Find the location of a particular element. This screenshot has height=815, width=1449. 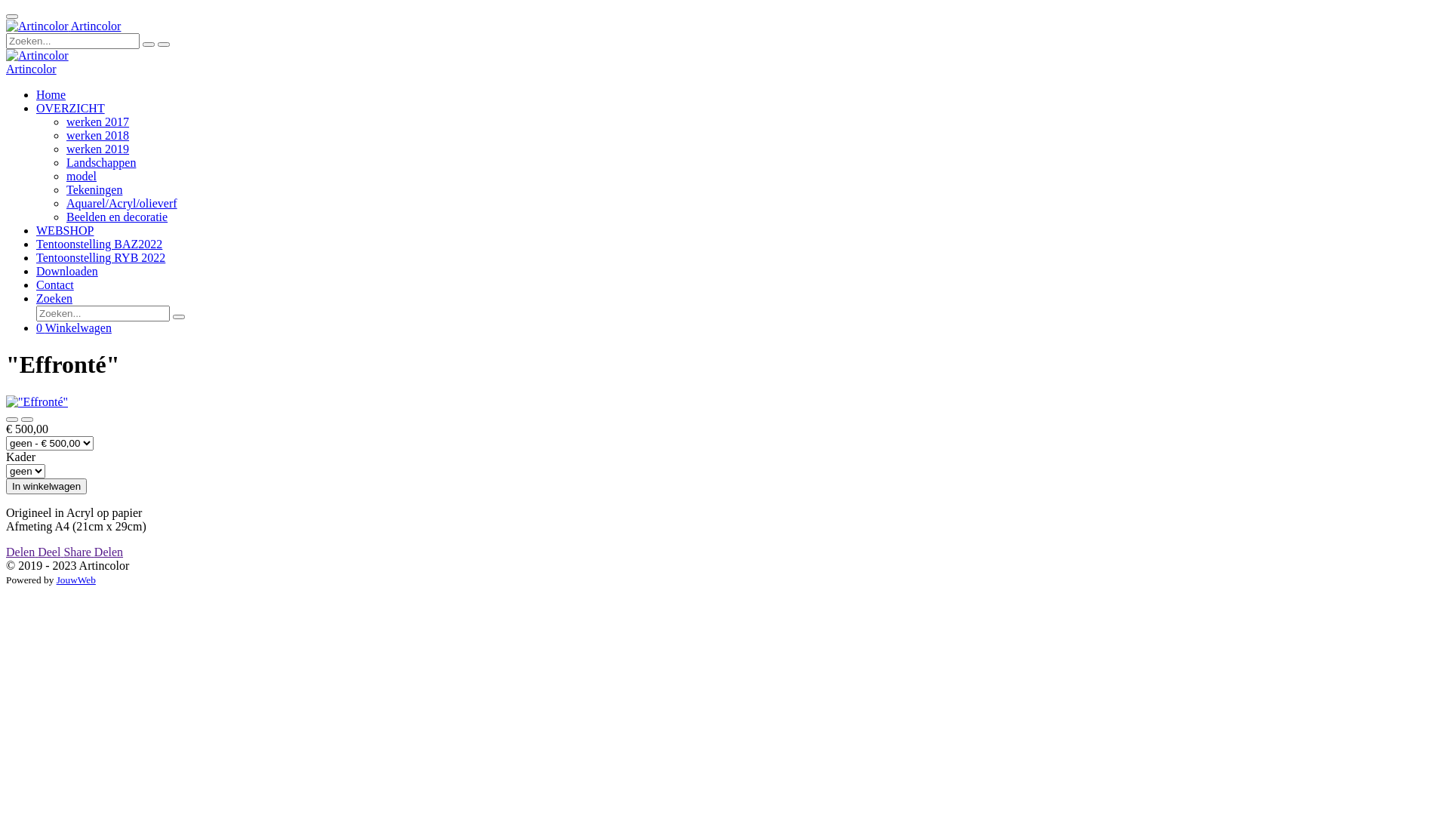

'Home' is located at coordinates (51, 94).